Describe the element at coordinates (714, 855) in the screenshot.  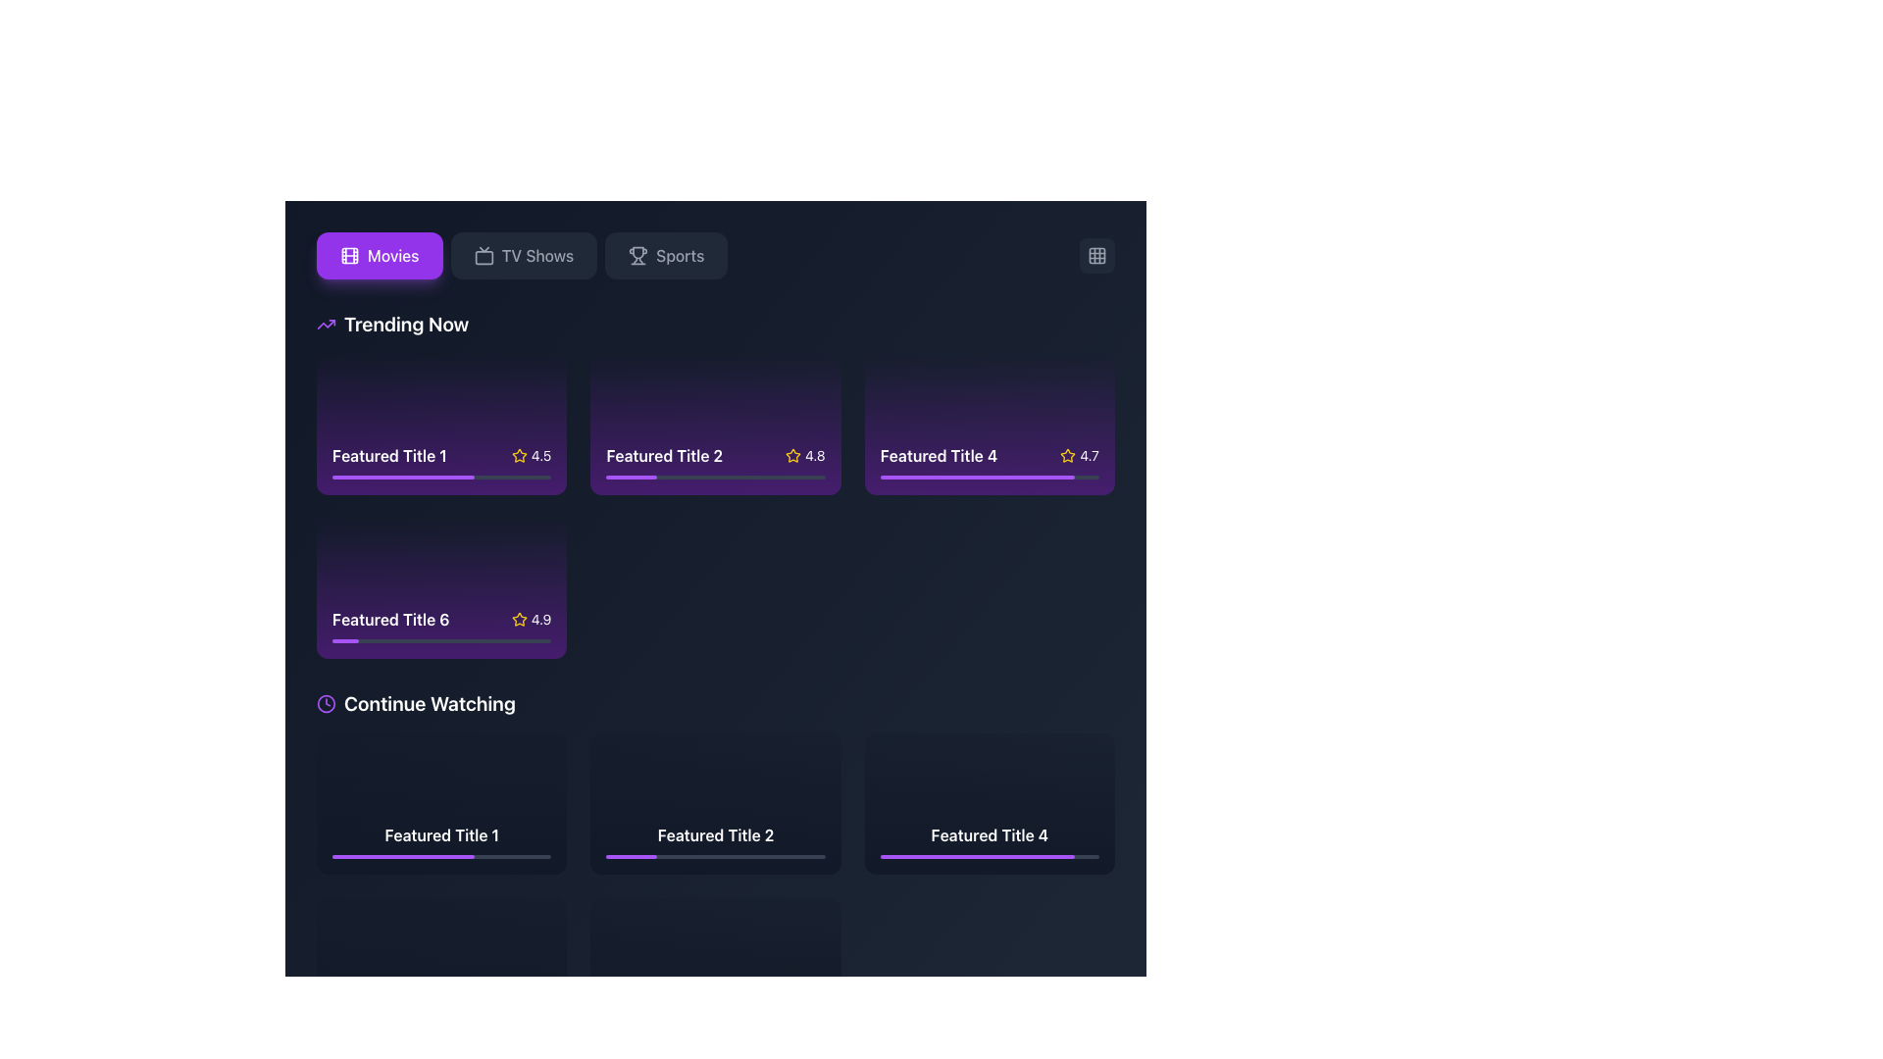
I see `the horizontal progress bar with a minimalistic design, filled purple and located near the bottom of the card labeled 'Featured Title 2' in the 'Continue Watching' section` at that location.